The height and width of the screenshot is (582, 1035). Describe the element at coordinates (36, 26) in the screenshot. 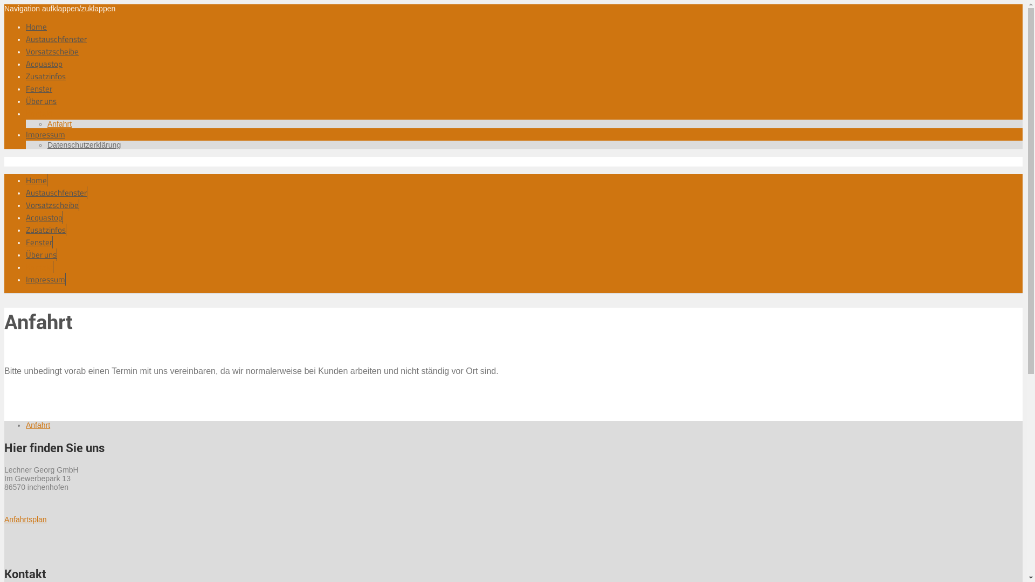

I see `'Home'` at that location.